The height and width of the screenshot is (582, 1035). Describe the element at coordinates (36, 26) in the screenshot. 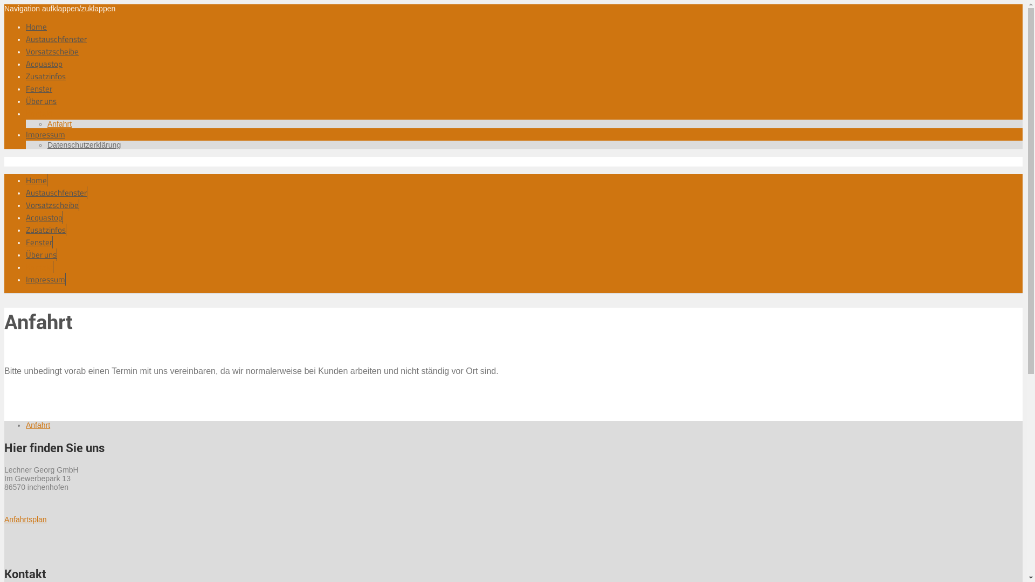

I see `'Home'` at that location.